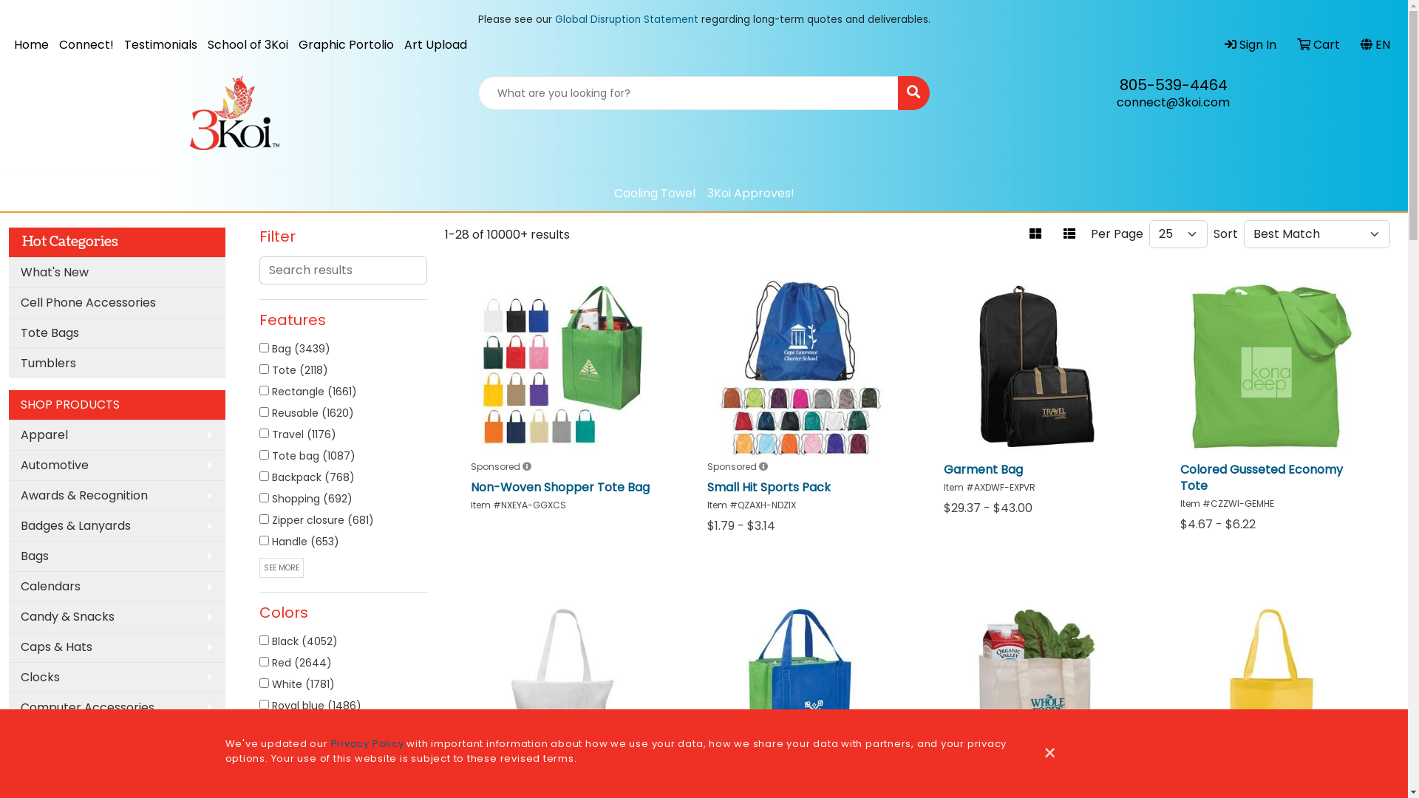 This screenshot has height=798, width=1419. Describe the element at coordinates (116, 434) in the screenshot. I see `'Apparel'` at that location.